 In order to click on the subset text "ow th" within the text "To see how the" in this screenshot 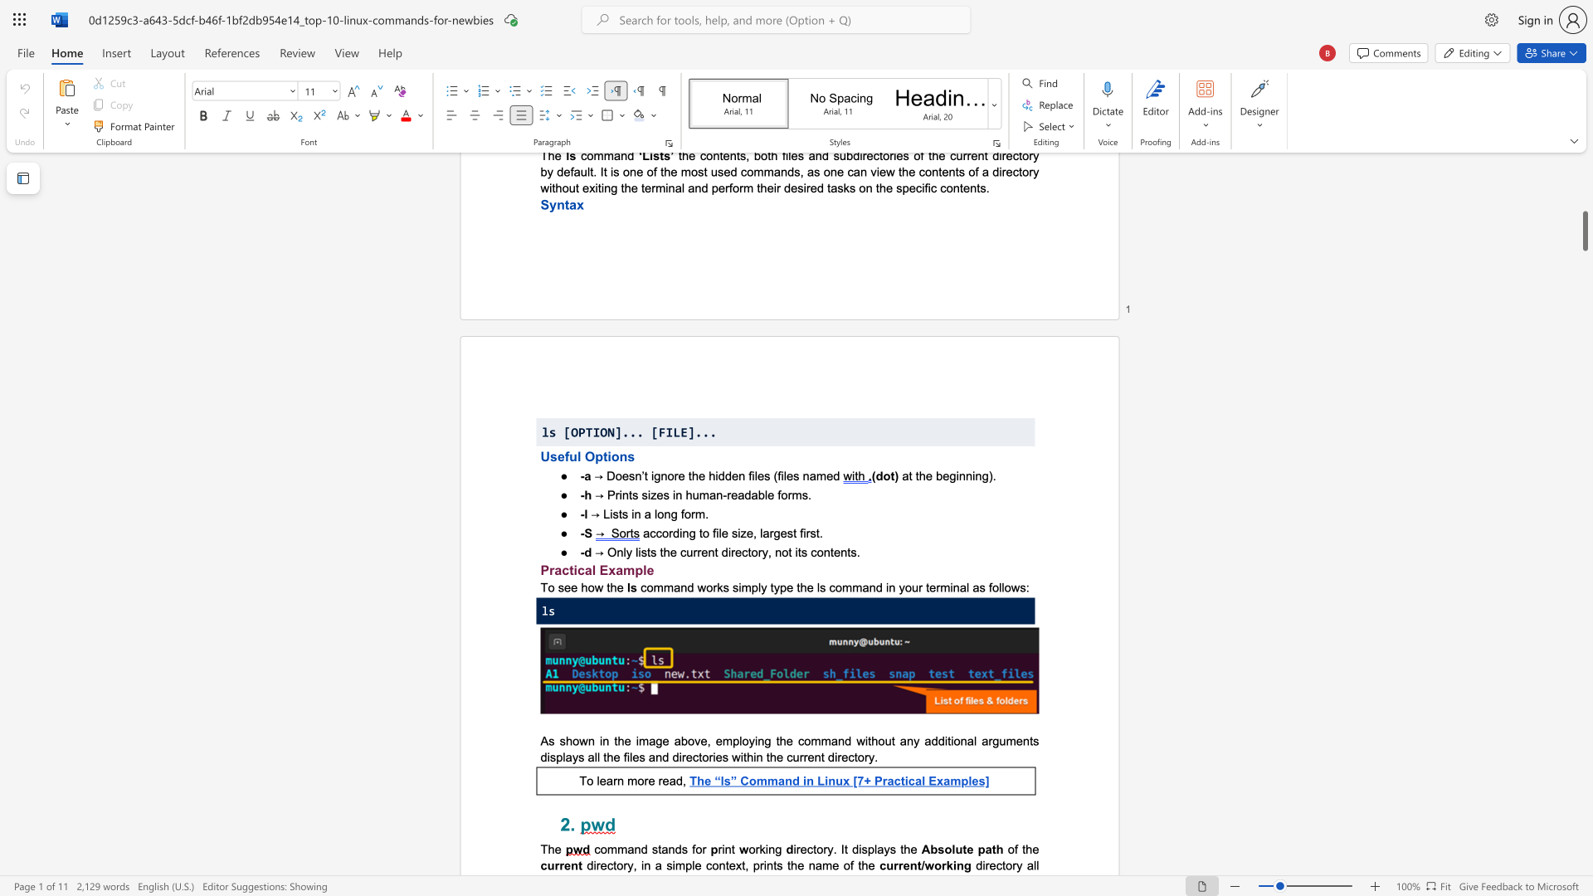, I will do `click(587, 587)`.